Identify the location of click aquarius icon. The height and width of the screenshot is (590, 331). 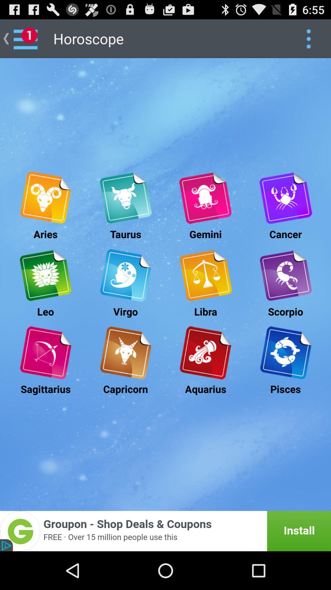
(205, 353).